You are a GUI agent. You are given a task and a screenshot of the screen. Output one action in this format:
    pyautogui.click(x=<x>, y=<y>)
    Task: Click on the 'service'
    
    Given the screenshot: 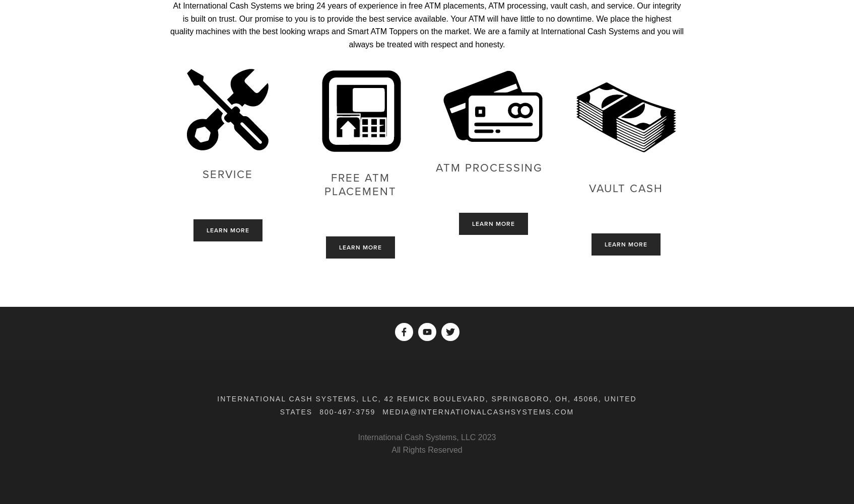 What is the action you would take?
    pyautogui.click(x=203, y=174)
    